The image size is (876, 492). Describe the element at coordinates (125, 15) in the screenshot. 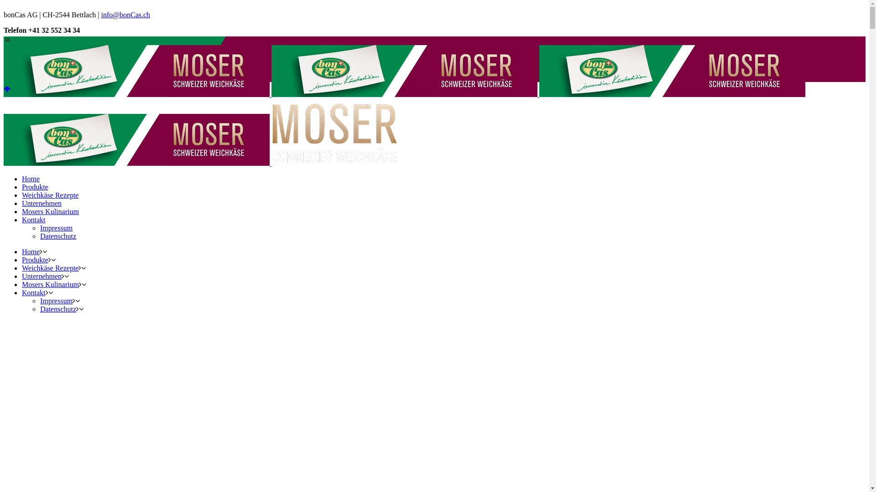

I see `'info@bonCas.ch'` at that location.